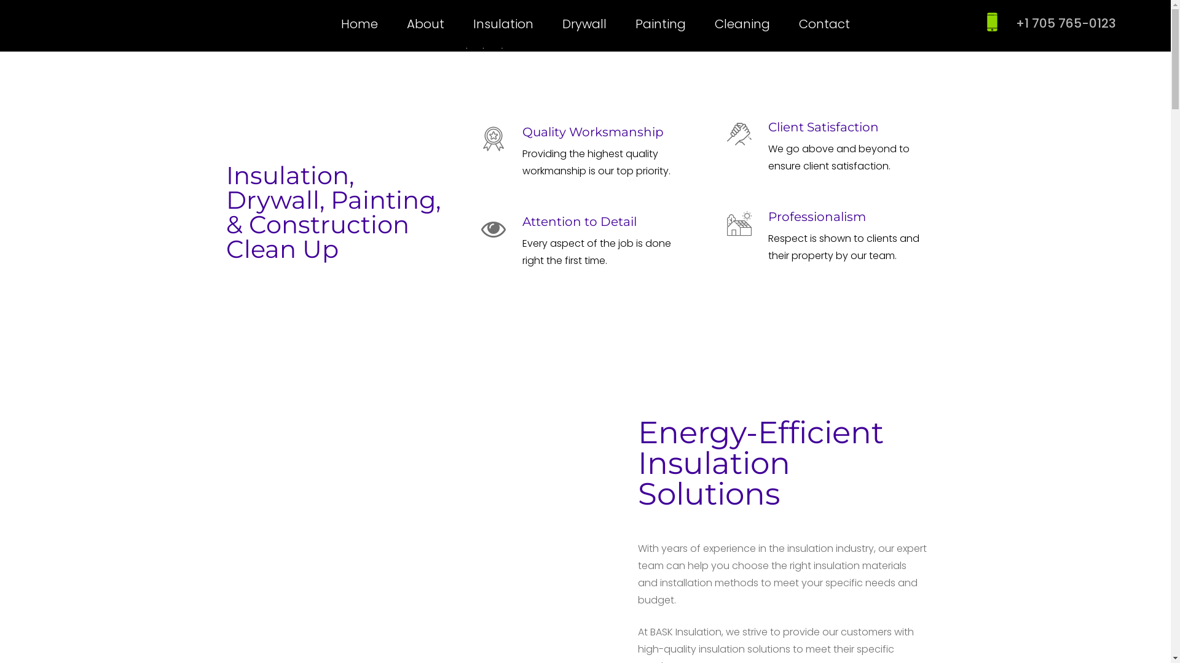 The height and width of the screenshot is (663, 1180). Describe the element at coordinates (472, 23) in the screenshot. I see `'Insulation'` at that location.